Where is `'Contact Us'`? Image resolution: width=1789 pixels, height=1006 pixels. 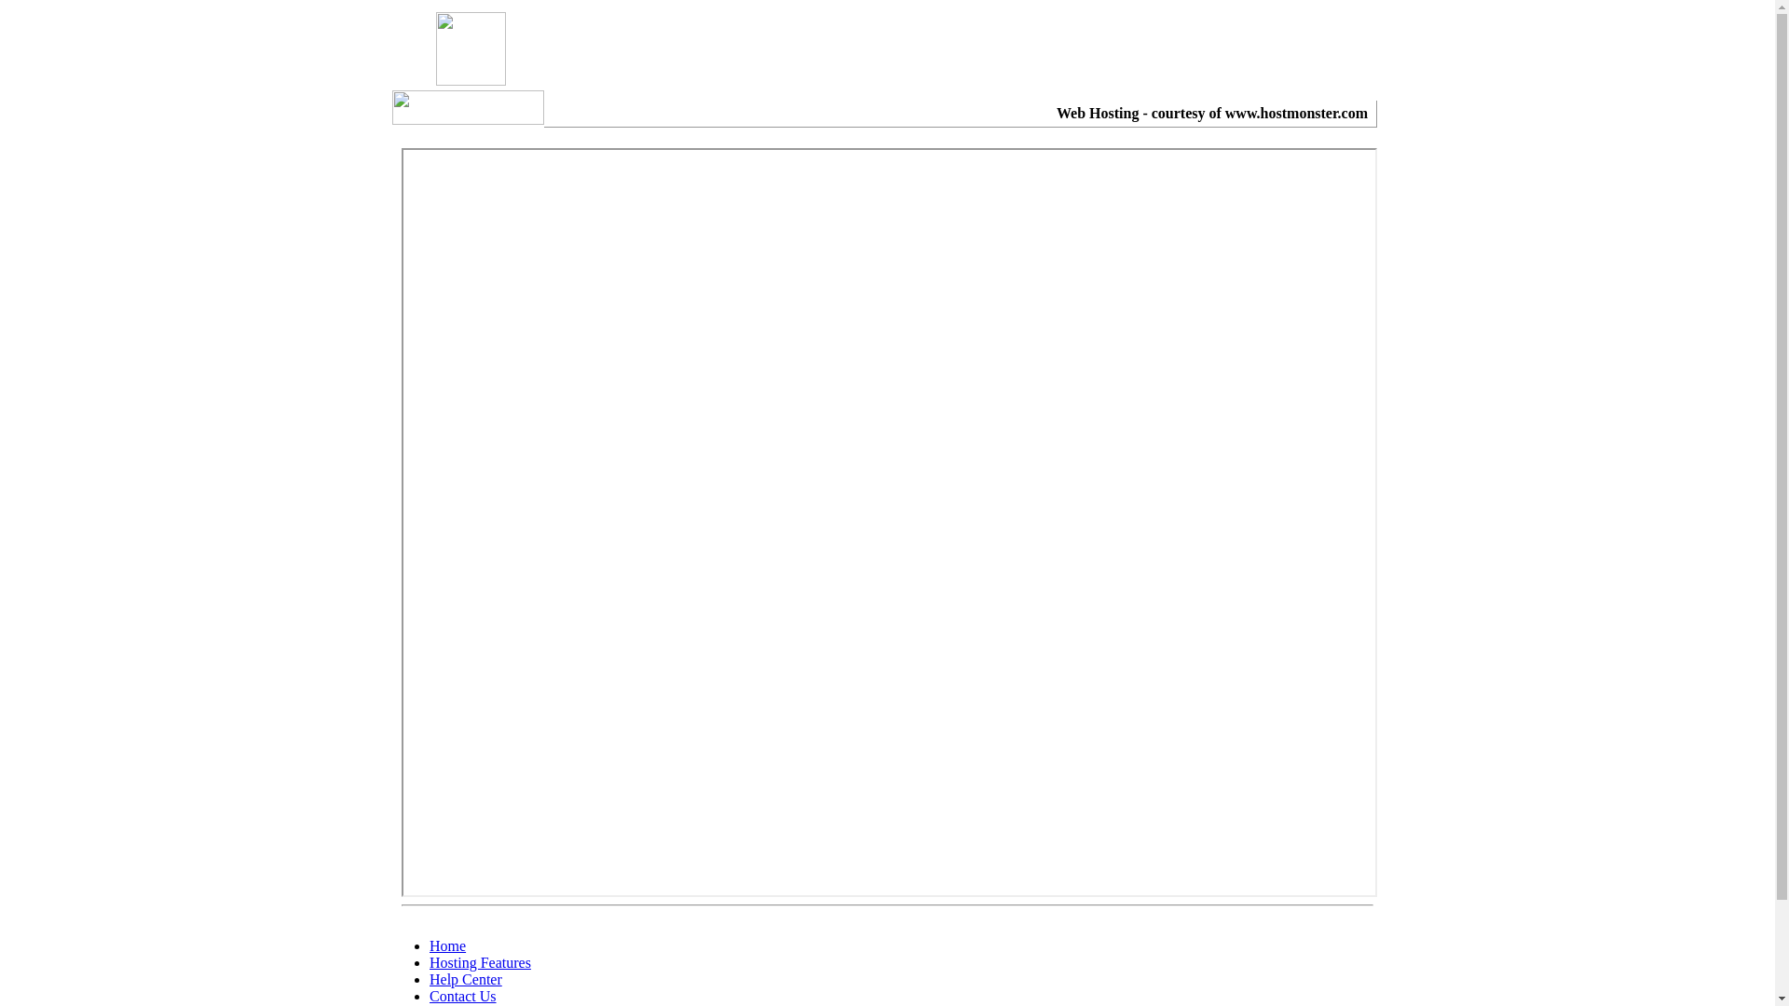 'Contact Us' is located at coordinates (463, 995).